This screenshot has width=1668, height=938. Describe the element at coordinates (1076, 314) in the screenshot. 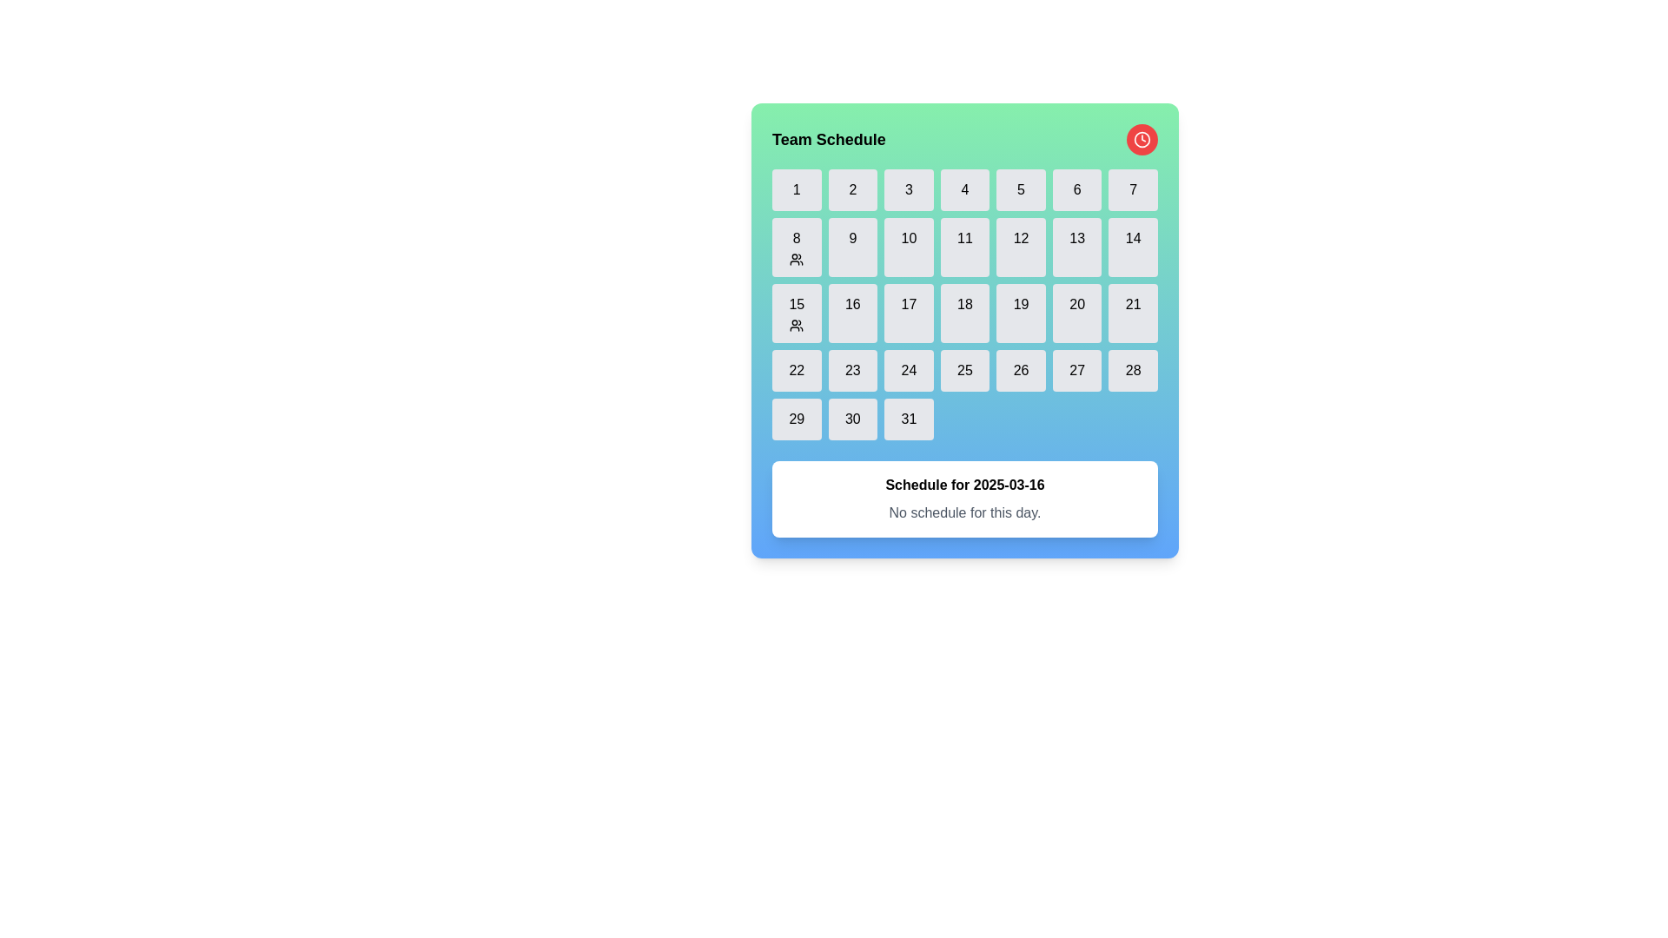

I see `the calendar day representation element displaying the bold black text '20'` at that location.